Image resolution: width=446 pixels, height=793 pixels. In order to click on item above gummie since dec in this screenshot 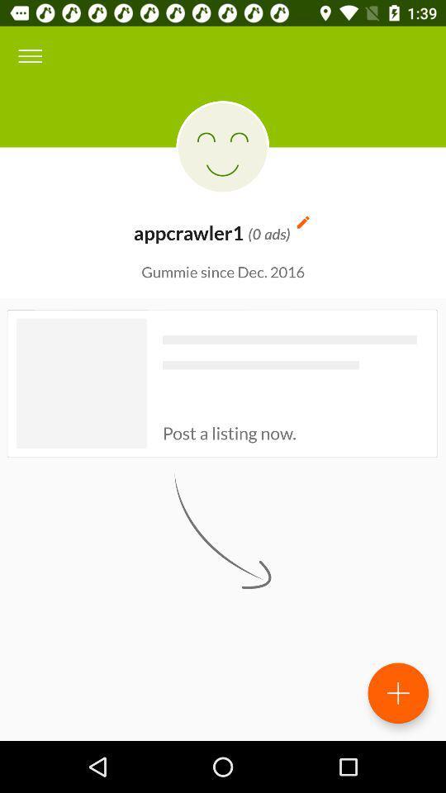, I will do `click(30, 56)`.